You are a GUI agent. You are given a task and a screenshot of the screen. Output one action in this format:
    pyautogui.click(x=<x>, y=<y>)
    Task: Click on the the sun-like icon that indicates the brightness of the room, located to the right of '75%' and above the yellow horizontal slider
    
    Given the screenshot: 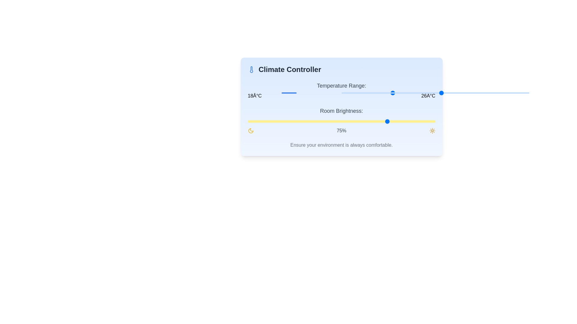 What is the action you would take?
    pyautogui.click(x=432, y=130)
    